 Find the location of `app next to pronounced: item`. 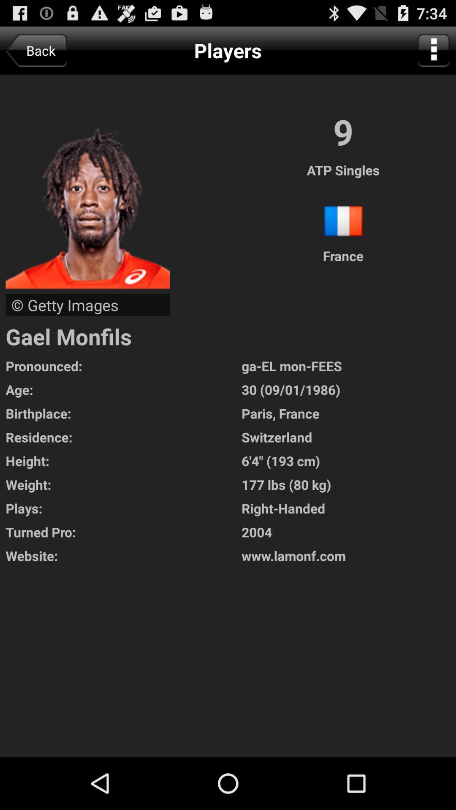

app next to pronounced: item is located at coordinates (349, 389).